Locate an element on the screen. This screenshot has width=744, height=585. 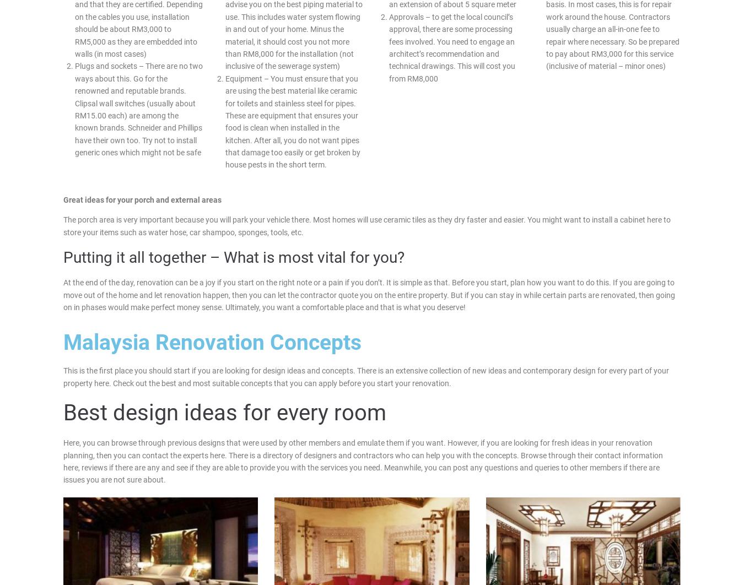
'Approvals – to get the local council’s approval, there are some processing fees involved. You need to engage an architect’s recommendation and technical drawings. This will cost you from RM8,000' is located at coordinates (451, 47).